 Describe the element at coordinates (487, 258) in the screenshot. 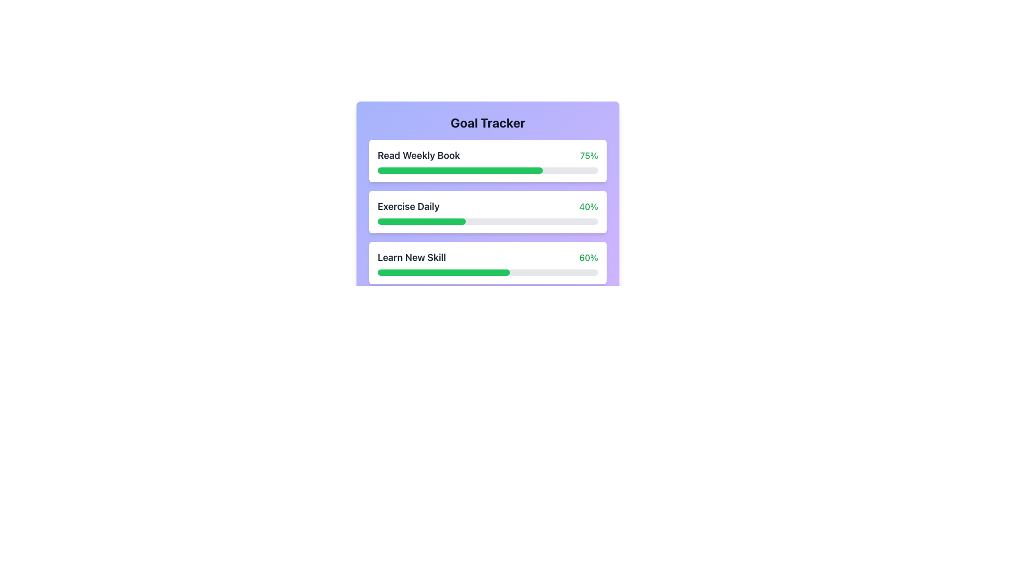

I see `the Information Display Row that indicates the learning of a new skill is 60% complete, located in the third row of the 'Goal Tracker' list` at that location.